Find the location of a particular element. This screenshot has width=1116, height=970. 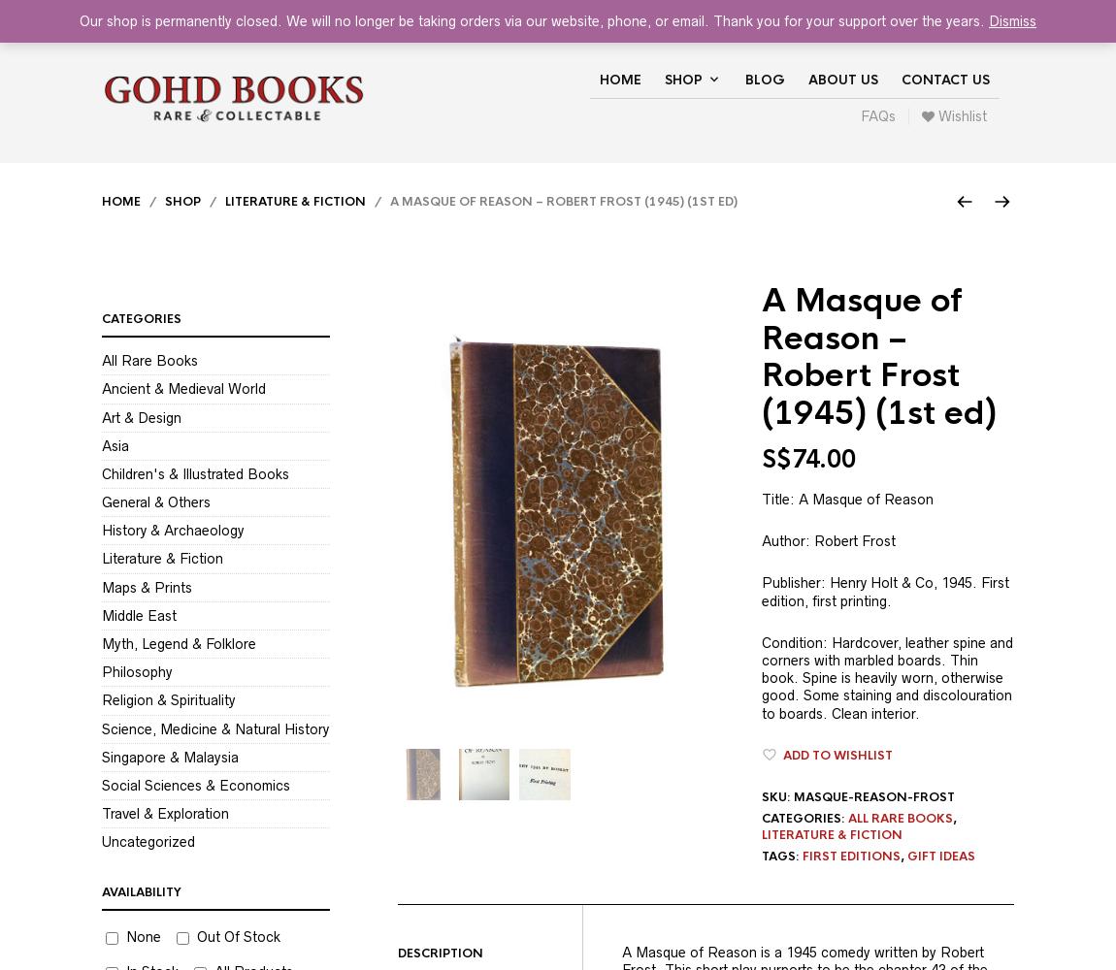

'About Us' is located at coordinates (843, 79).